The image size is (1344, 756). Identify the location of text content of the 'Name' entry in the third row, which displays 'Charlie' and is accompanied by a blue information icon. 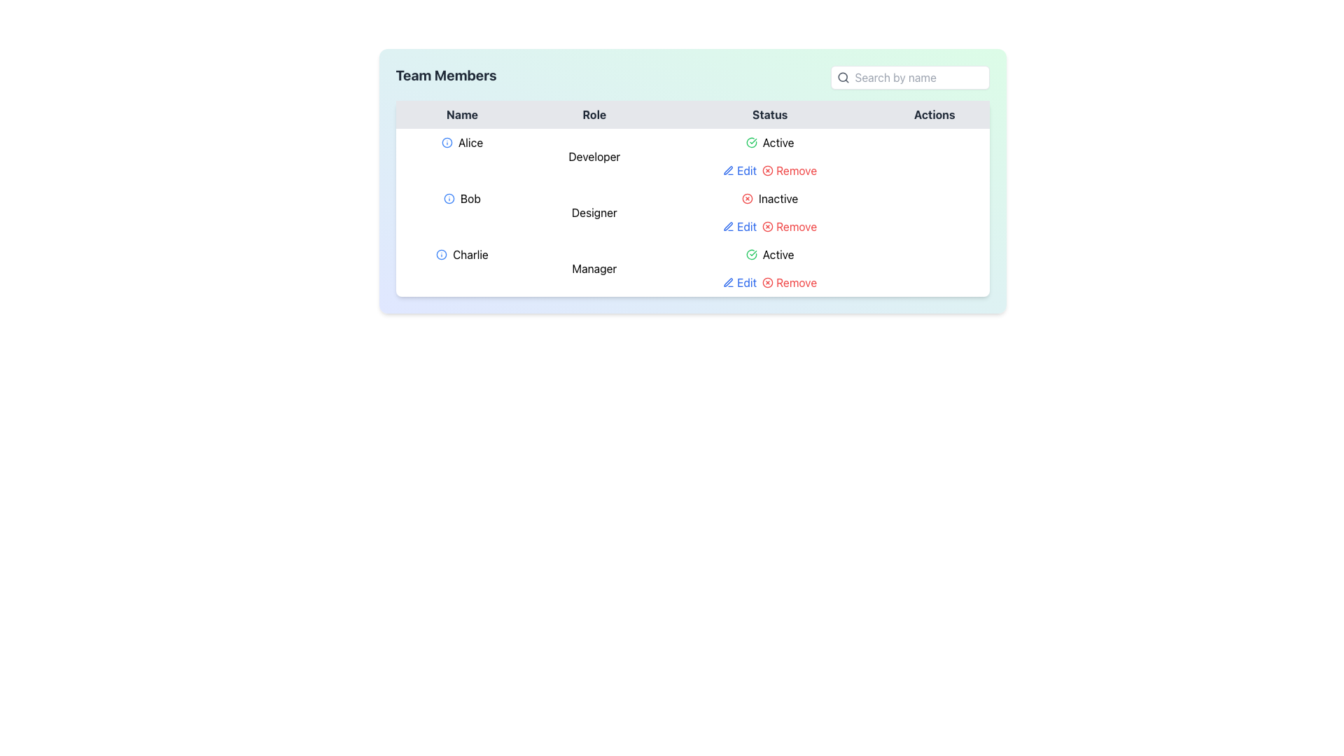
(462, 254).